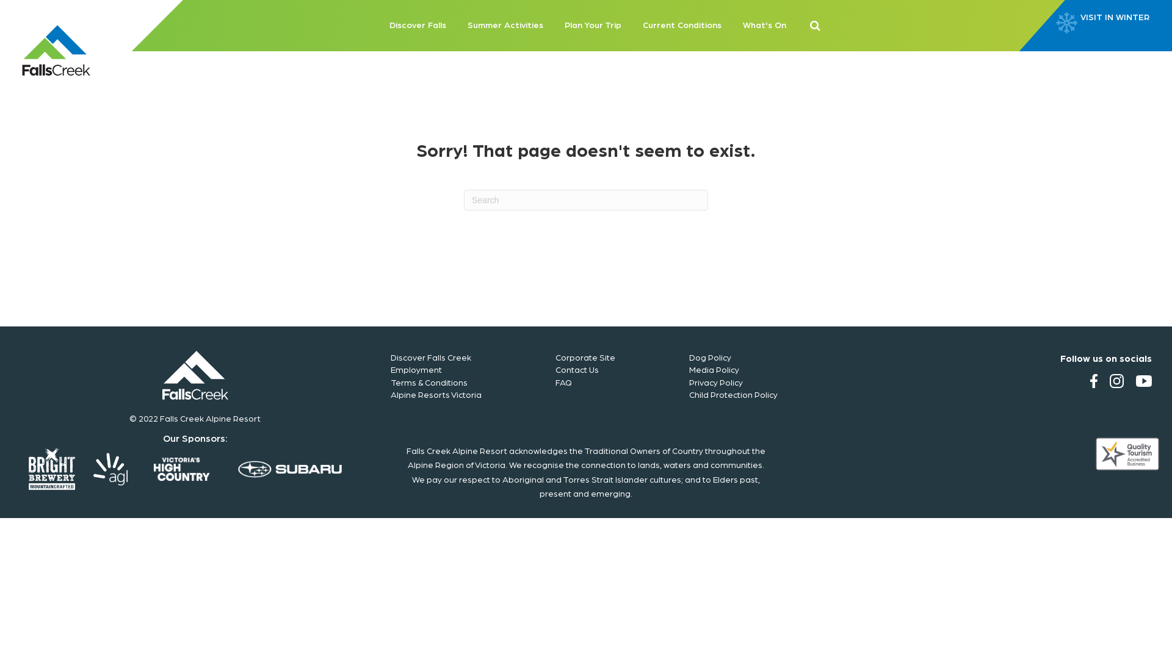 The width and height of the screenshot is (1172, 659). Describe the element at coordinates (418, 26) in the screenshot. I see `'Discover Falls'` at that location.